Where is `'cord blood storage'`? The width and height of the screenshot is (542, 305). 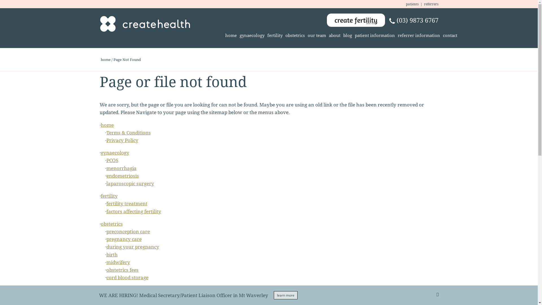 'cord blood storage' is located at coordinates (127, 277).